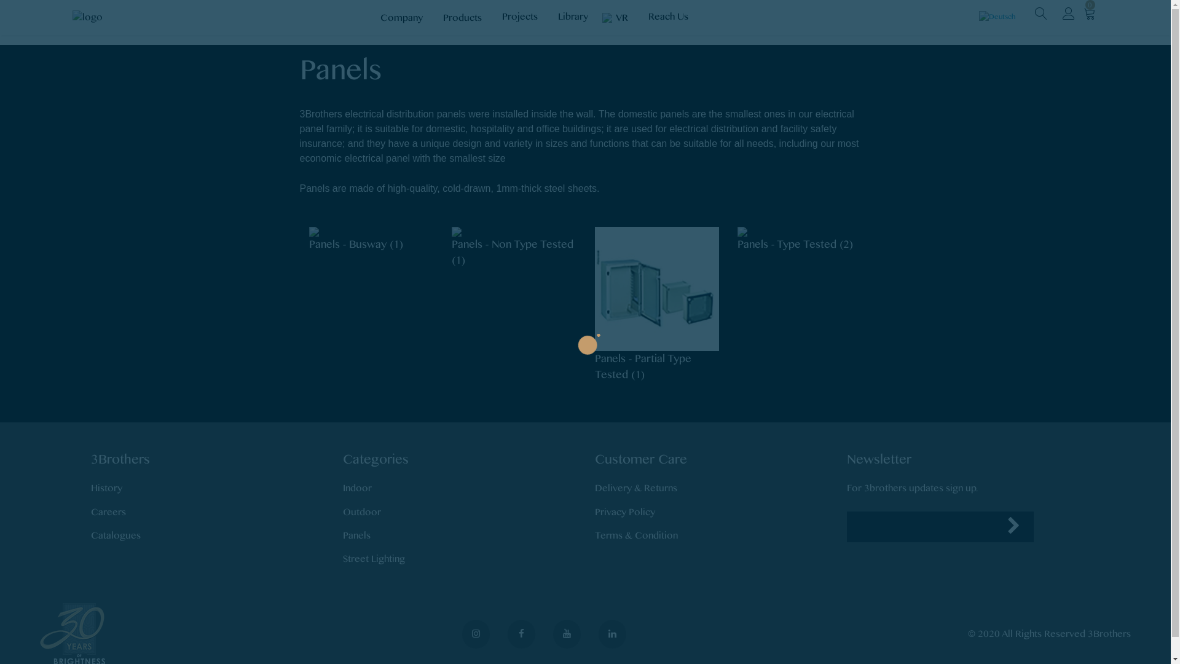 The height and width of the screenshot is (664, 1180). Describe the element at coordinates (371, 17) in the screenshot. I see `'Company'` at that location.